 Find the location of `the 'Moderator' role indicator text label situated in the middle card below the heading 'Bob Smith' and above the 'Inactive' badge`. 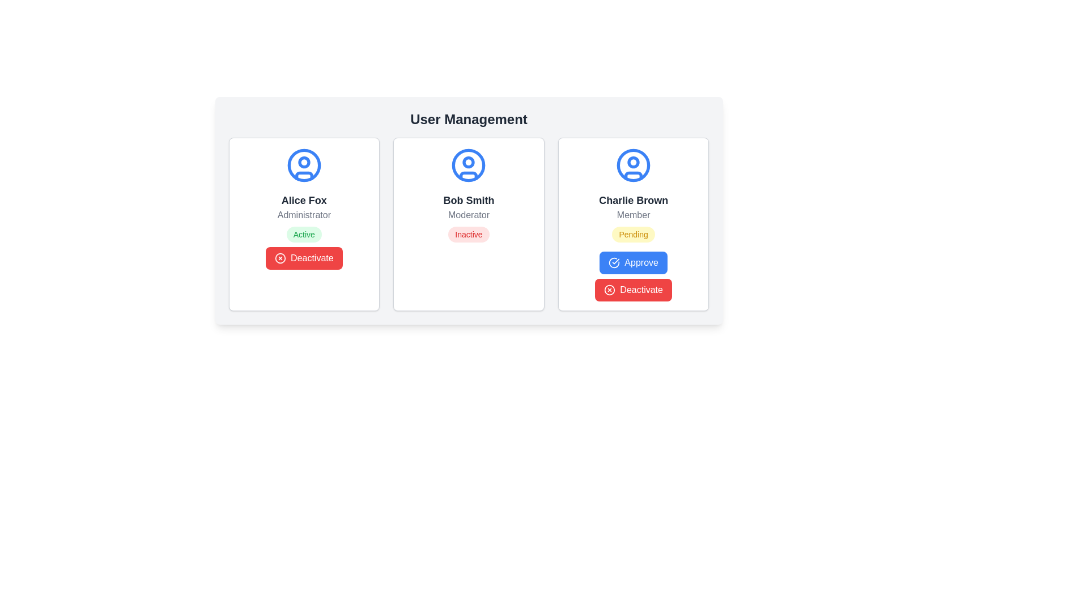

the 'Moderator' role indicator text label situated in the middle card below the heading 'Bob Smith' and above the 'Inactive' badge is located at coordinates (469, 215).